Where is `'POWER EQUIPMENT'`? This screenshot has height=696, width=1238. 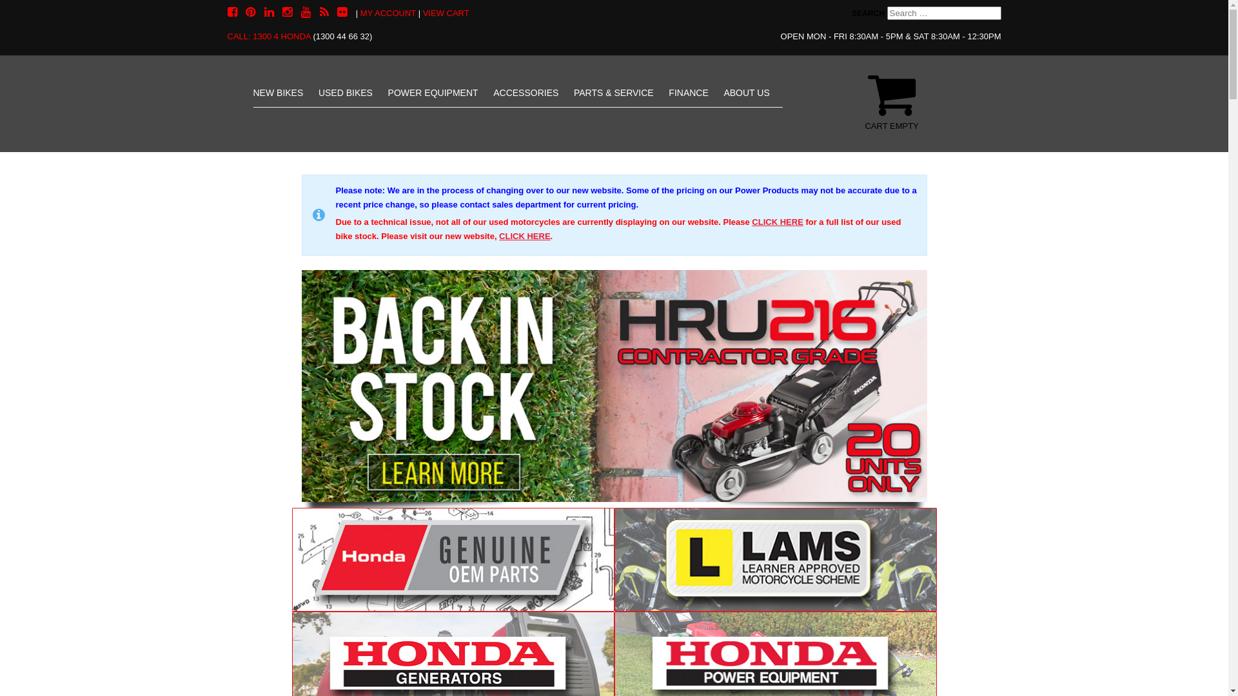
'POWER EQUIPMENT' is located at coordinates (433, 92).